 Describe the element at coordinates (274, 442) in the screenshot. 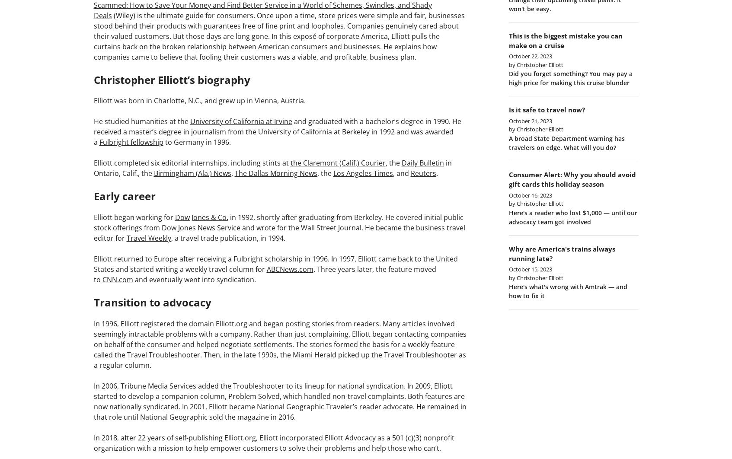

I see `'as a 501 (c)(3) nonprofit organization with a mission to help empower customers to solve their problems and help those who can’t.'` at that location.